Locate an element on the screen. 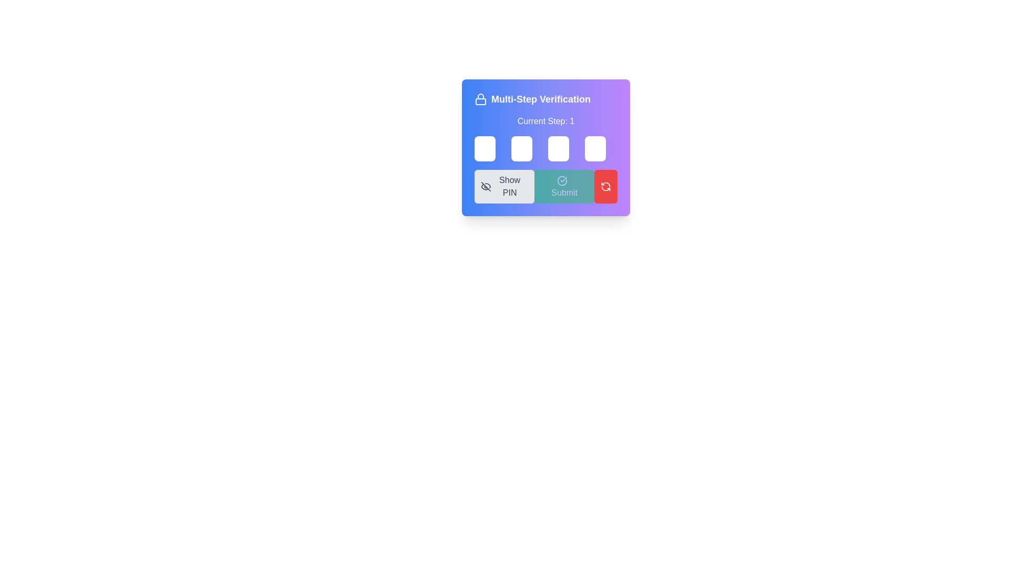 The image size is (1009, 568). the refresh or reset button located at the bottom-right corner of the verification module is located at coordinates (605, 186).